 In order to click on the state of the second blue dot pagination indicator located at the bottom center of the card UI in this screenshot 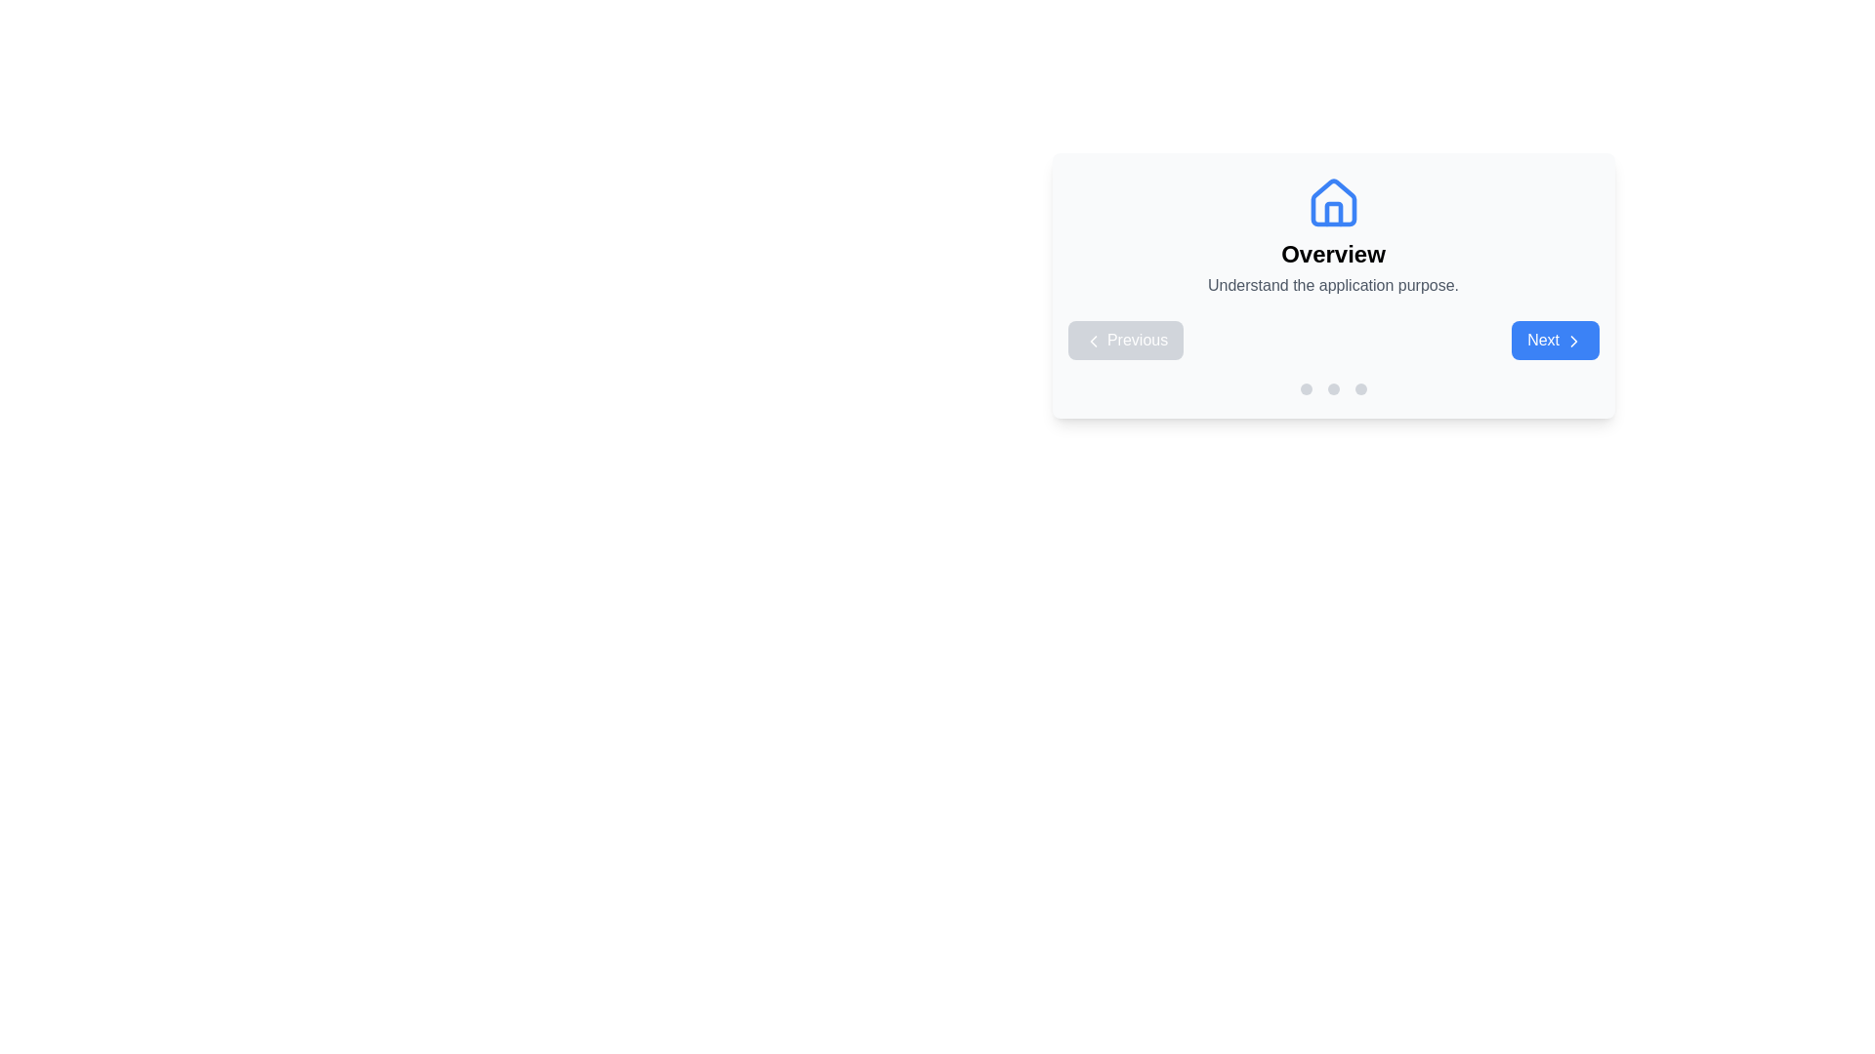, I will do `click(1306, 388)`.